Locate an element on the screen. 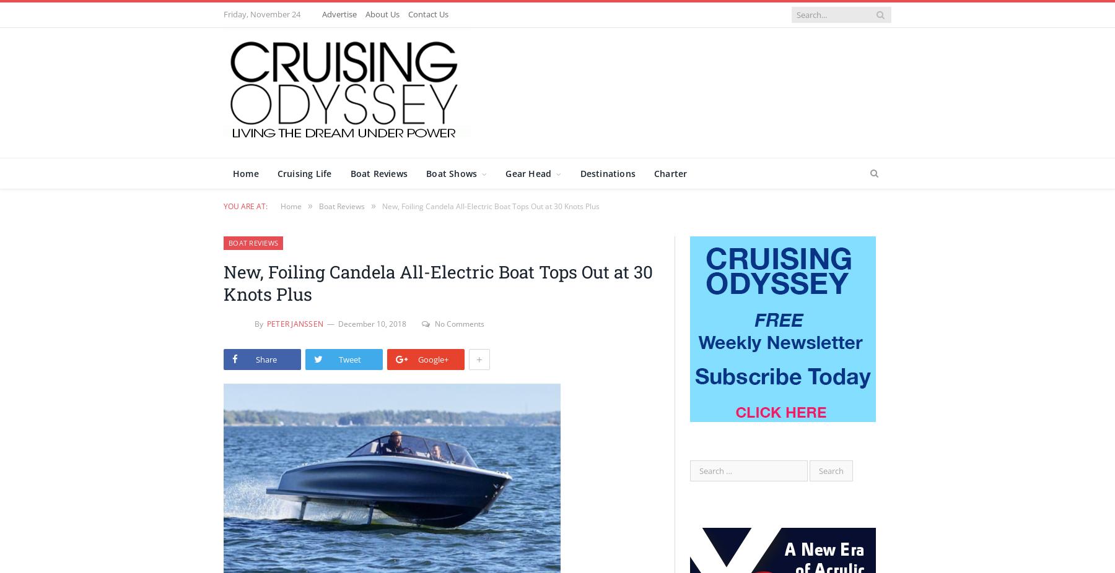 The image size is (1115, 573). 'No Comments' is located at coordinates (458, 322).